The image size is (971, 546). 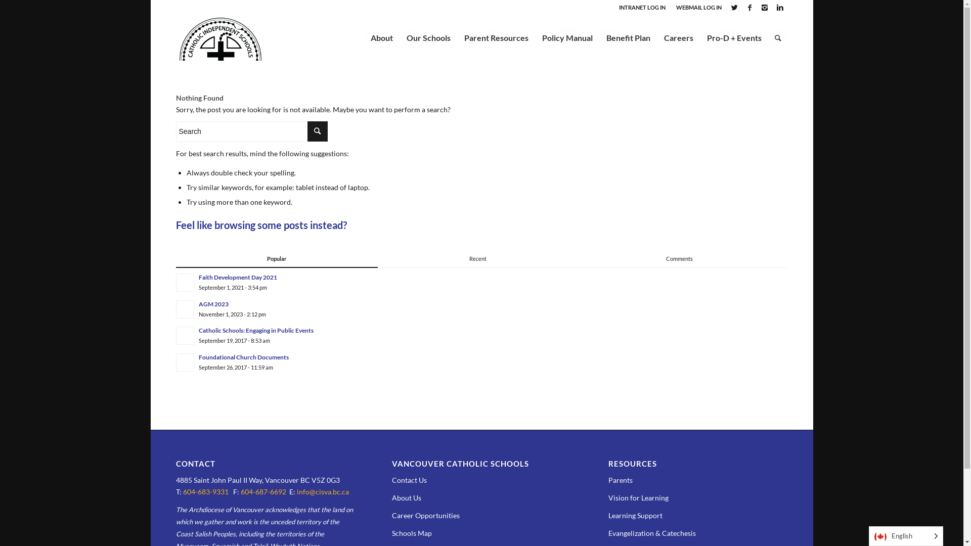 I want to click on 'Pro-D + Events', so click(x=734, y=37).